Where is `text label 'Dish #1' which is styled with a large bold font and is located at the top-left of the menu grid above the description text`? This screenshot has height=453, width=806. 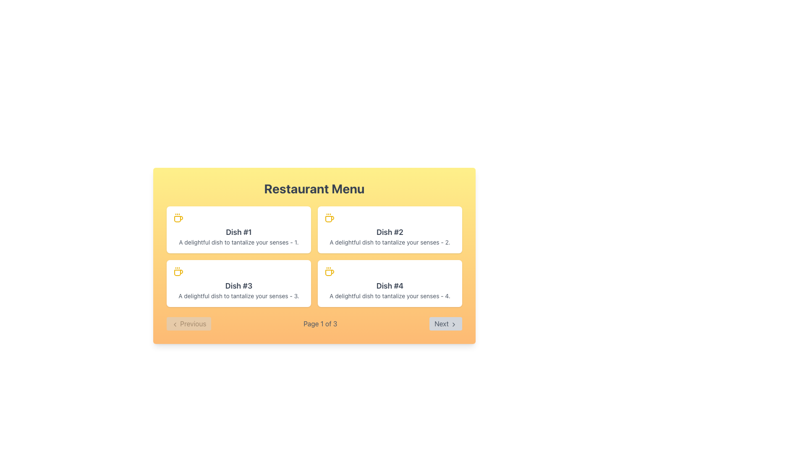 text label 'Dish #1' which is styled with a large bold font and is located at the top-left of the menu grid above the description text is located at coordinates (238, 232).